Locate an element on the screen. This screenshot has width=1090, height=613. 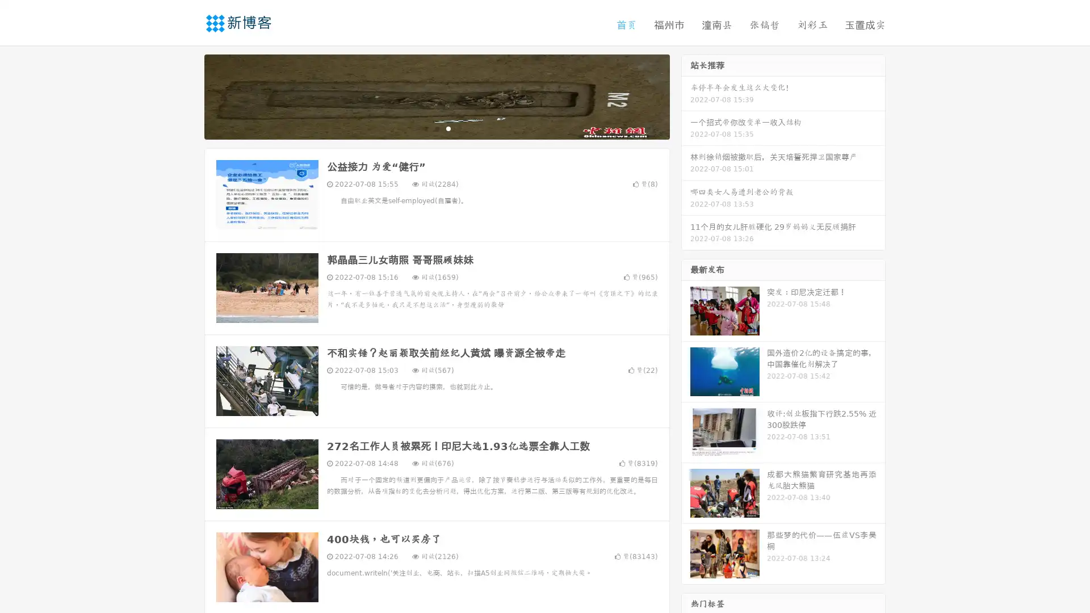
Go to slide 3 is located at coordinates (448, 128).